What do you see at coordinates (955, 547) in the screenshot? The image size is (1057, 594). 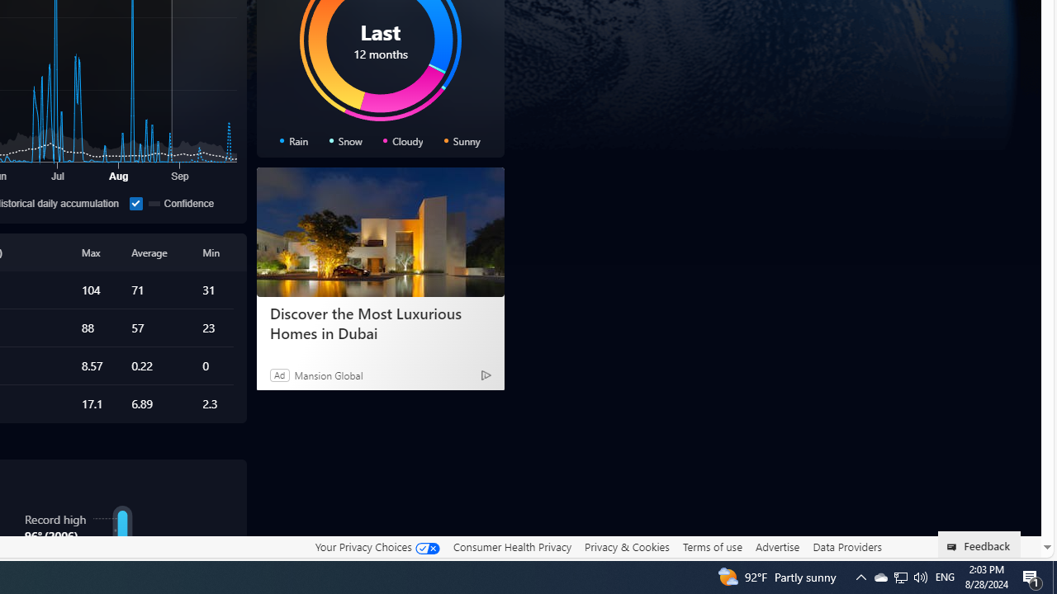 I see `'Class: feedback_link_icon-DS-EntryPoint1-1'` at bounding box center [955, 547].